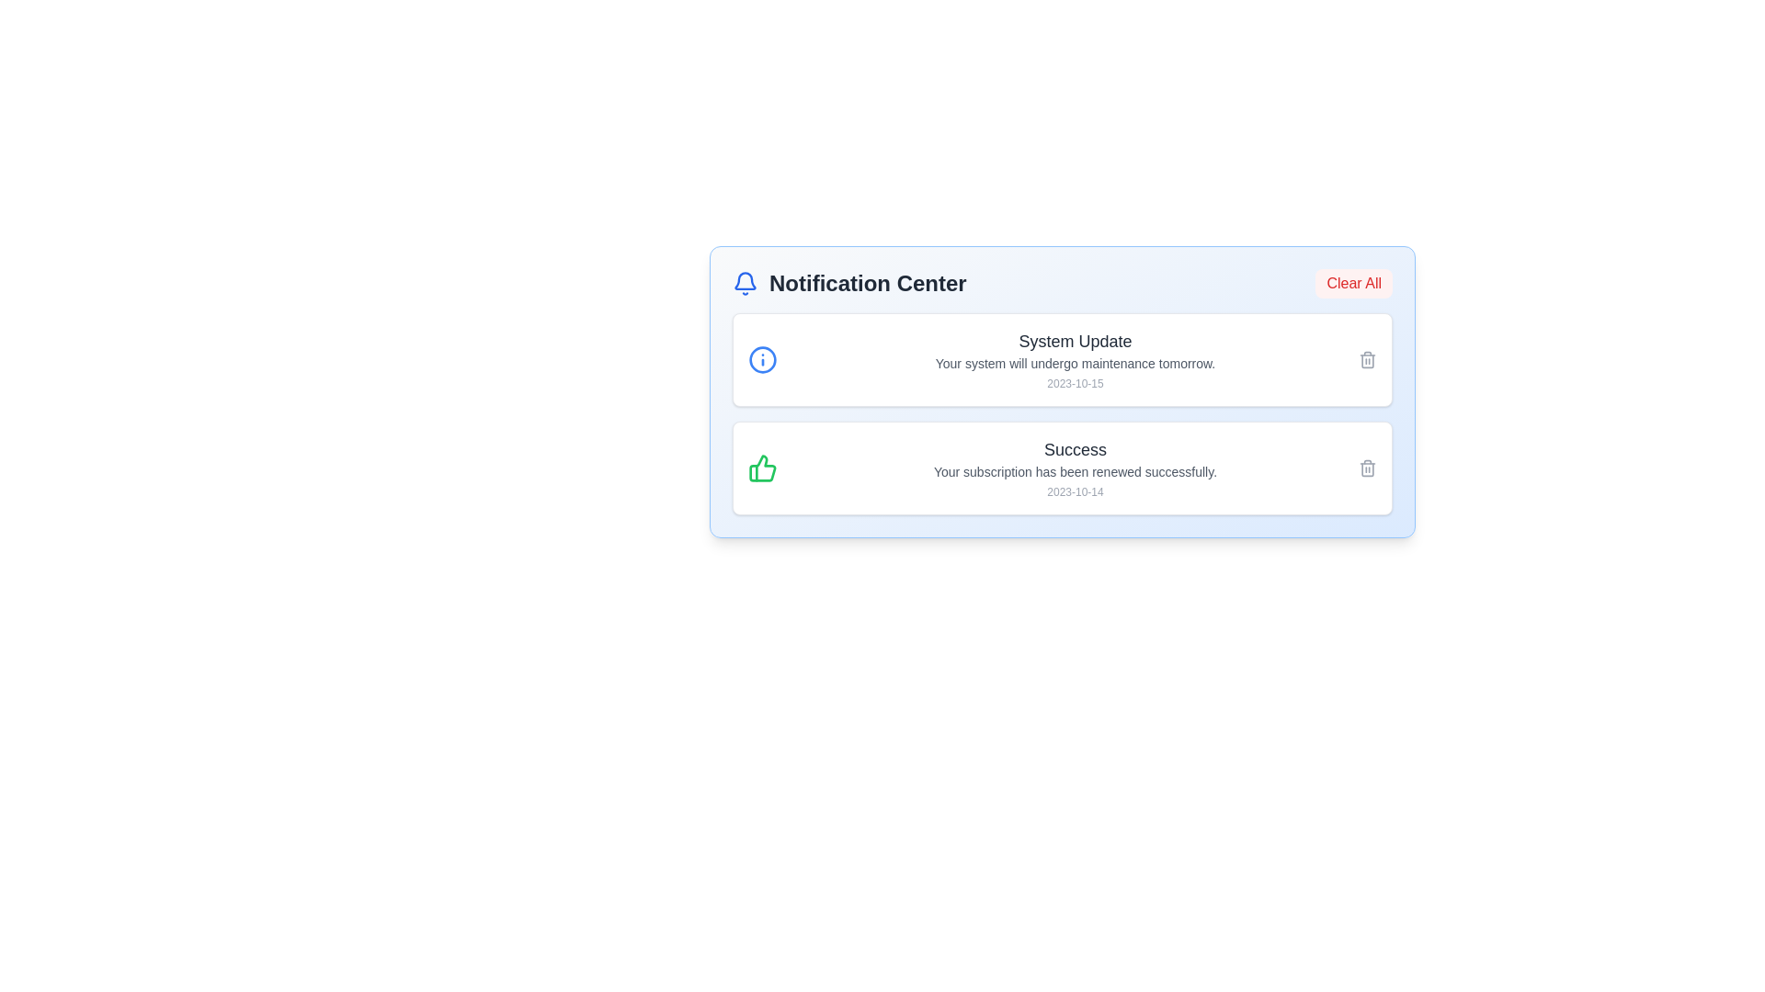  What do you see at coordinates (746, 283) in the screenshot?
I see `the blue bell icon representing notifications, located in the header of the notification panel, to interact with it` at bounding box center [746, 283].